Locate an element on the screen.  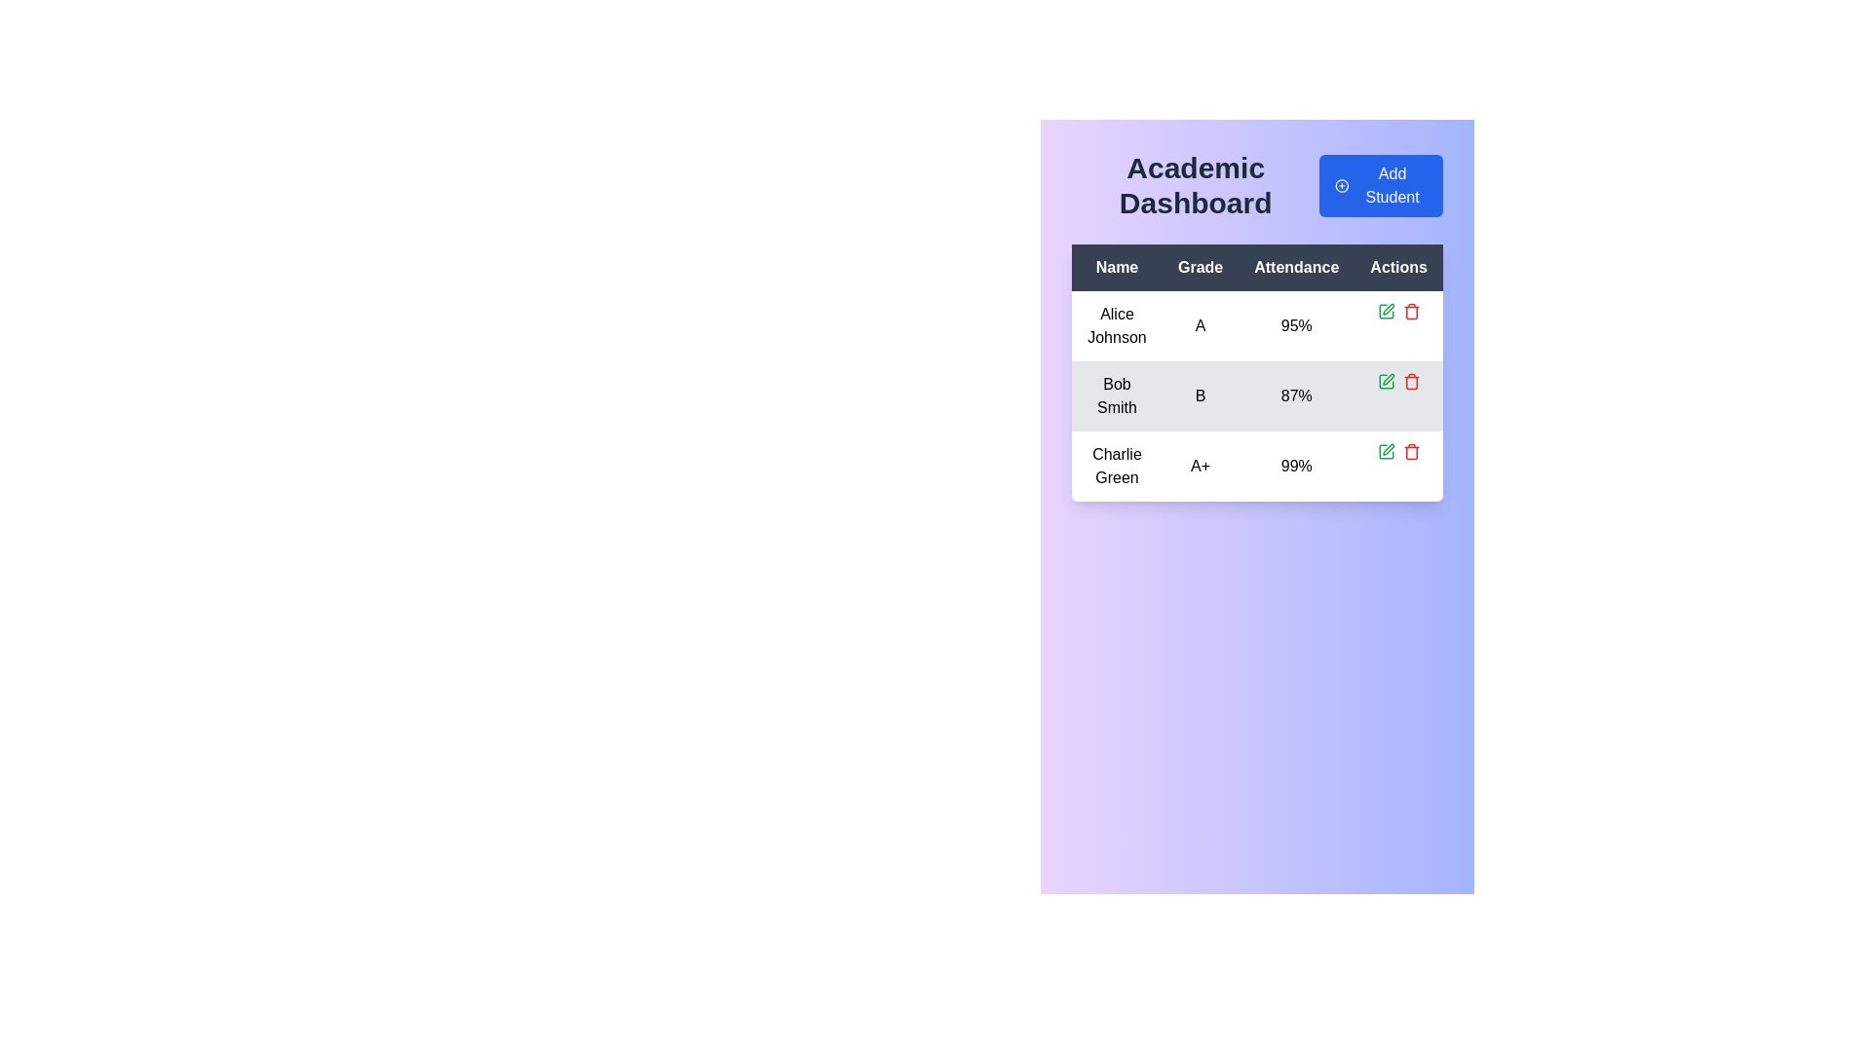
the static text element indicating the grade for 'Bob Smith' in the second column under the 'Grade' heading is located at coordinates (1200, 395).